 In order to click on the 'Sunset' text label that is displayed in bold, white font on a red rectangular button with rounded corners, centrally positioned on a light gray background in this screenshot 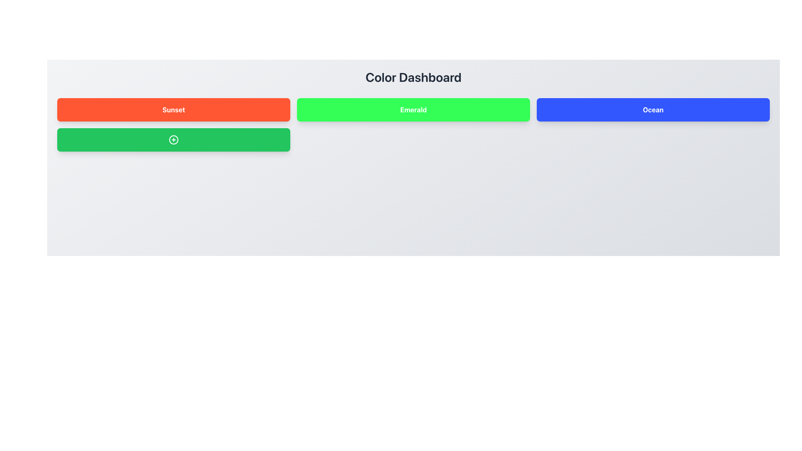, I will do `click(173, 109)`.